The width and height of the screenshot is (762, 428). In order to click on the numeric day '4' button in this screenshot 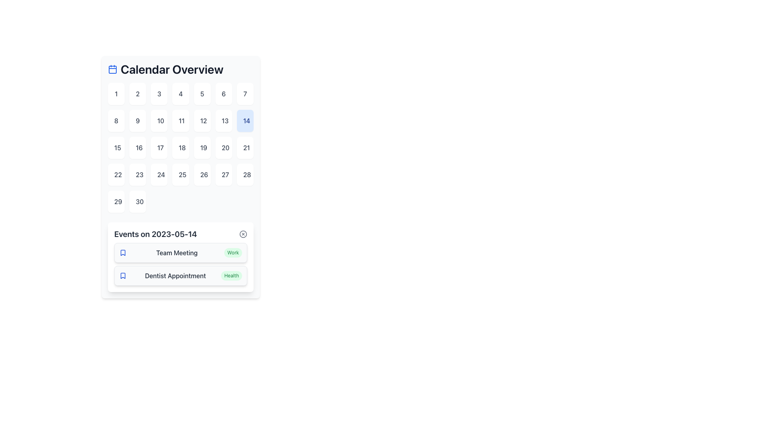, I will do `click(180, 93)`.